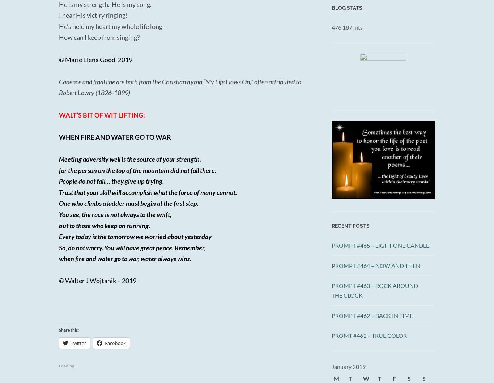 The width and height of the screenshot is (494, 383). I want to click on 'Facebook', so click(105, 343).